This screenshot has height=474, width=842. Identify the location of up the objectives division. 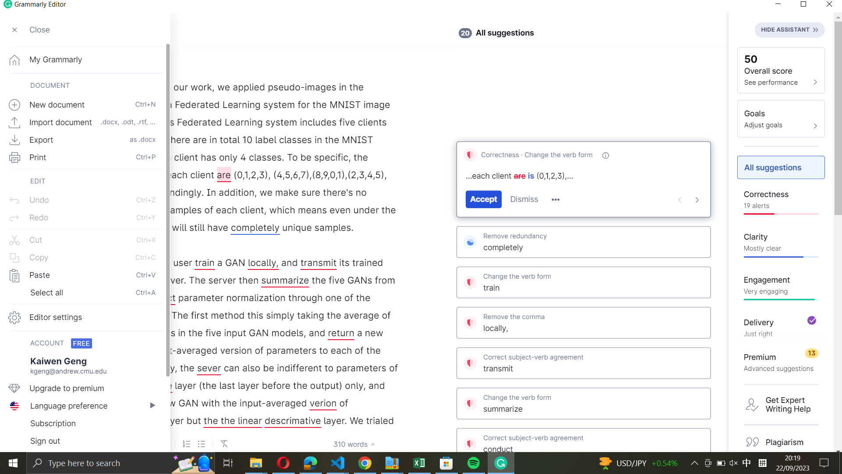
(781, 118).